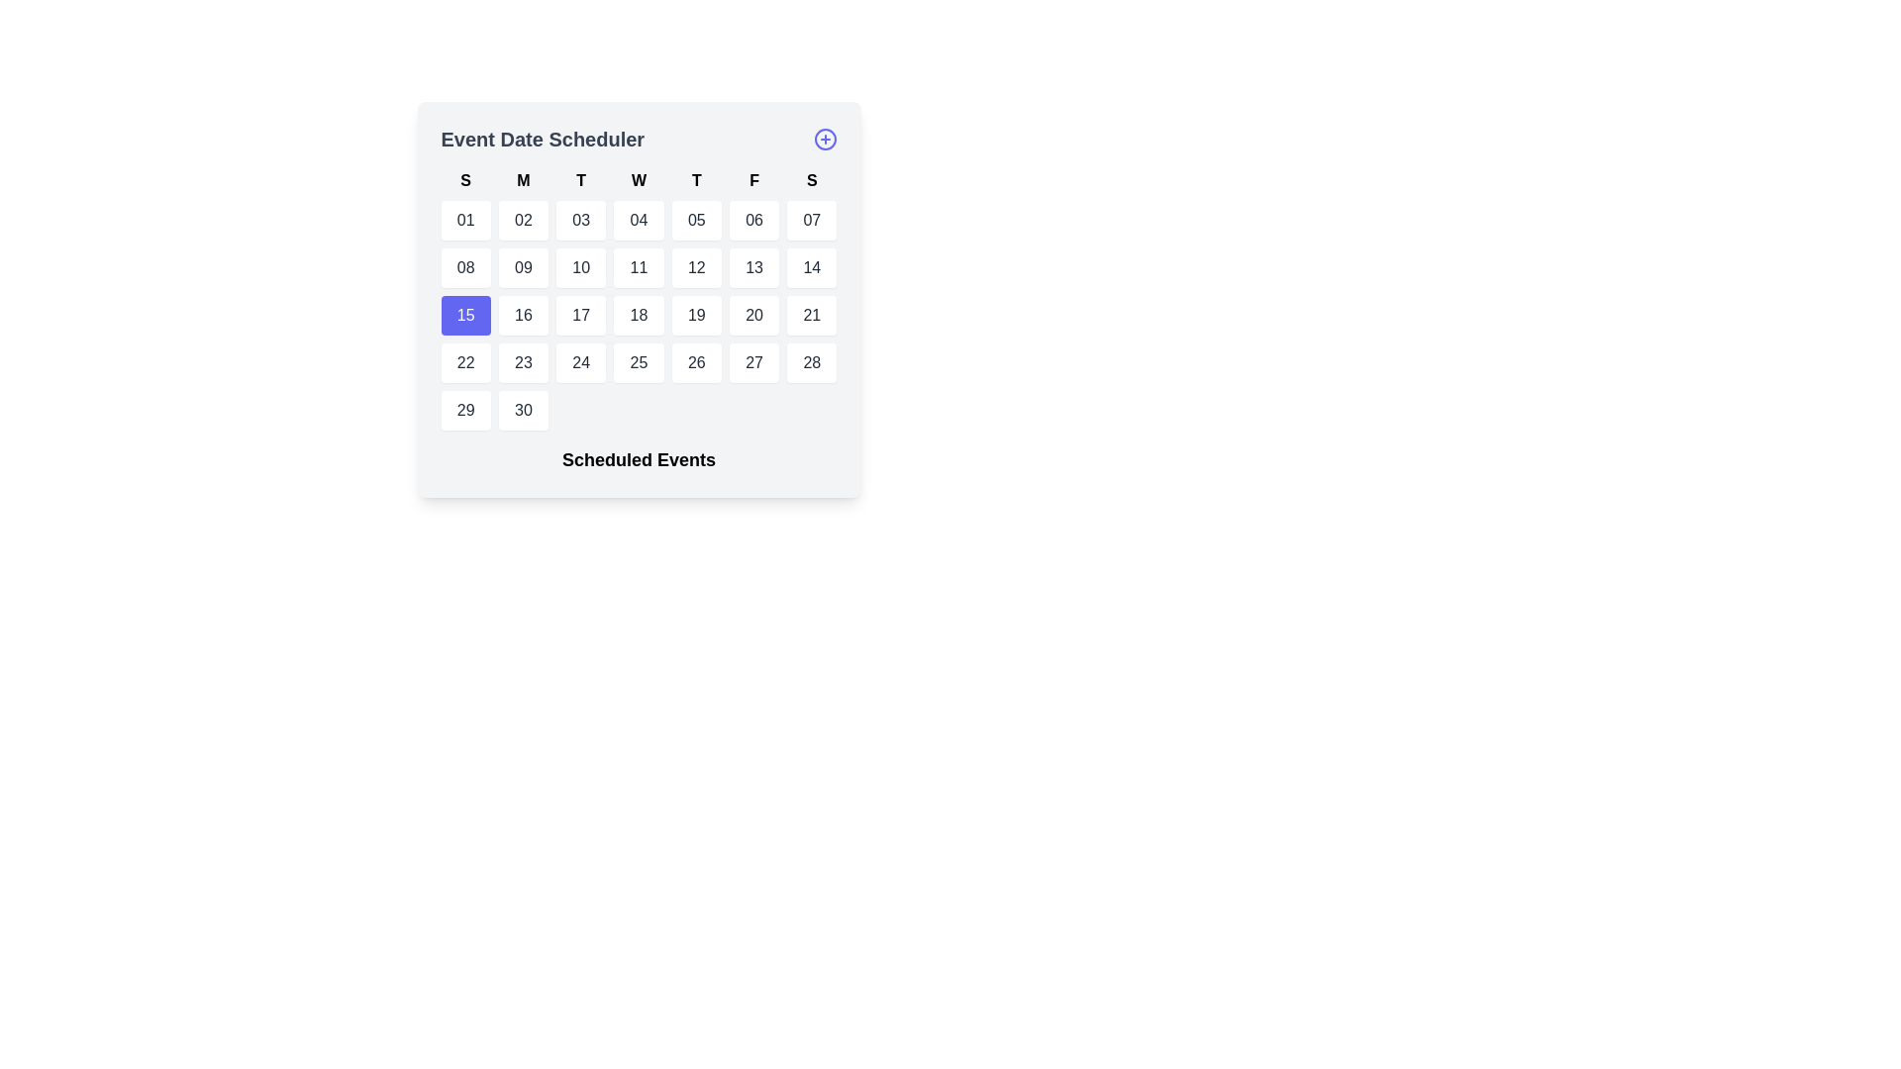 The height and width of the screenshot is (1069, 1901). What do you see at coordinates (580, 315) in the screenshot?
I see `the selectable date cell representing '17' in the calendar interface` at bounding box center [580, 315].